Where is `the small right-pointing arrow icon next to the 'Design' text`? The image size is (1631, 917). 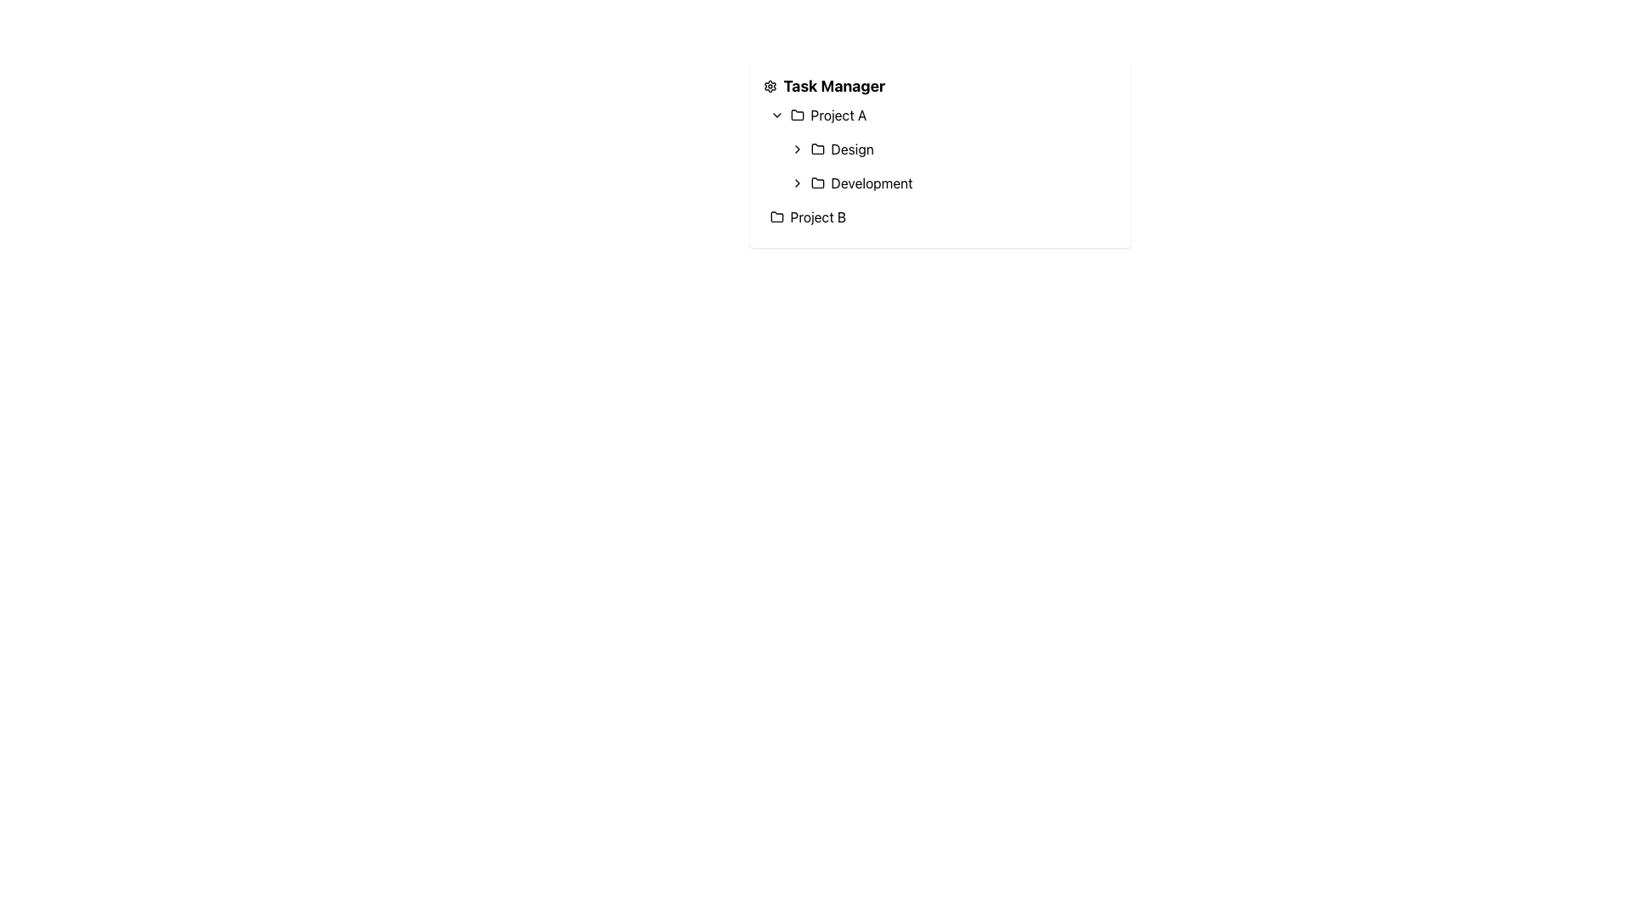
the small right-pointing arrow icon next to the 'Design' text is located at coordinates (796, 149).